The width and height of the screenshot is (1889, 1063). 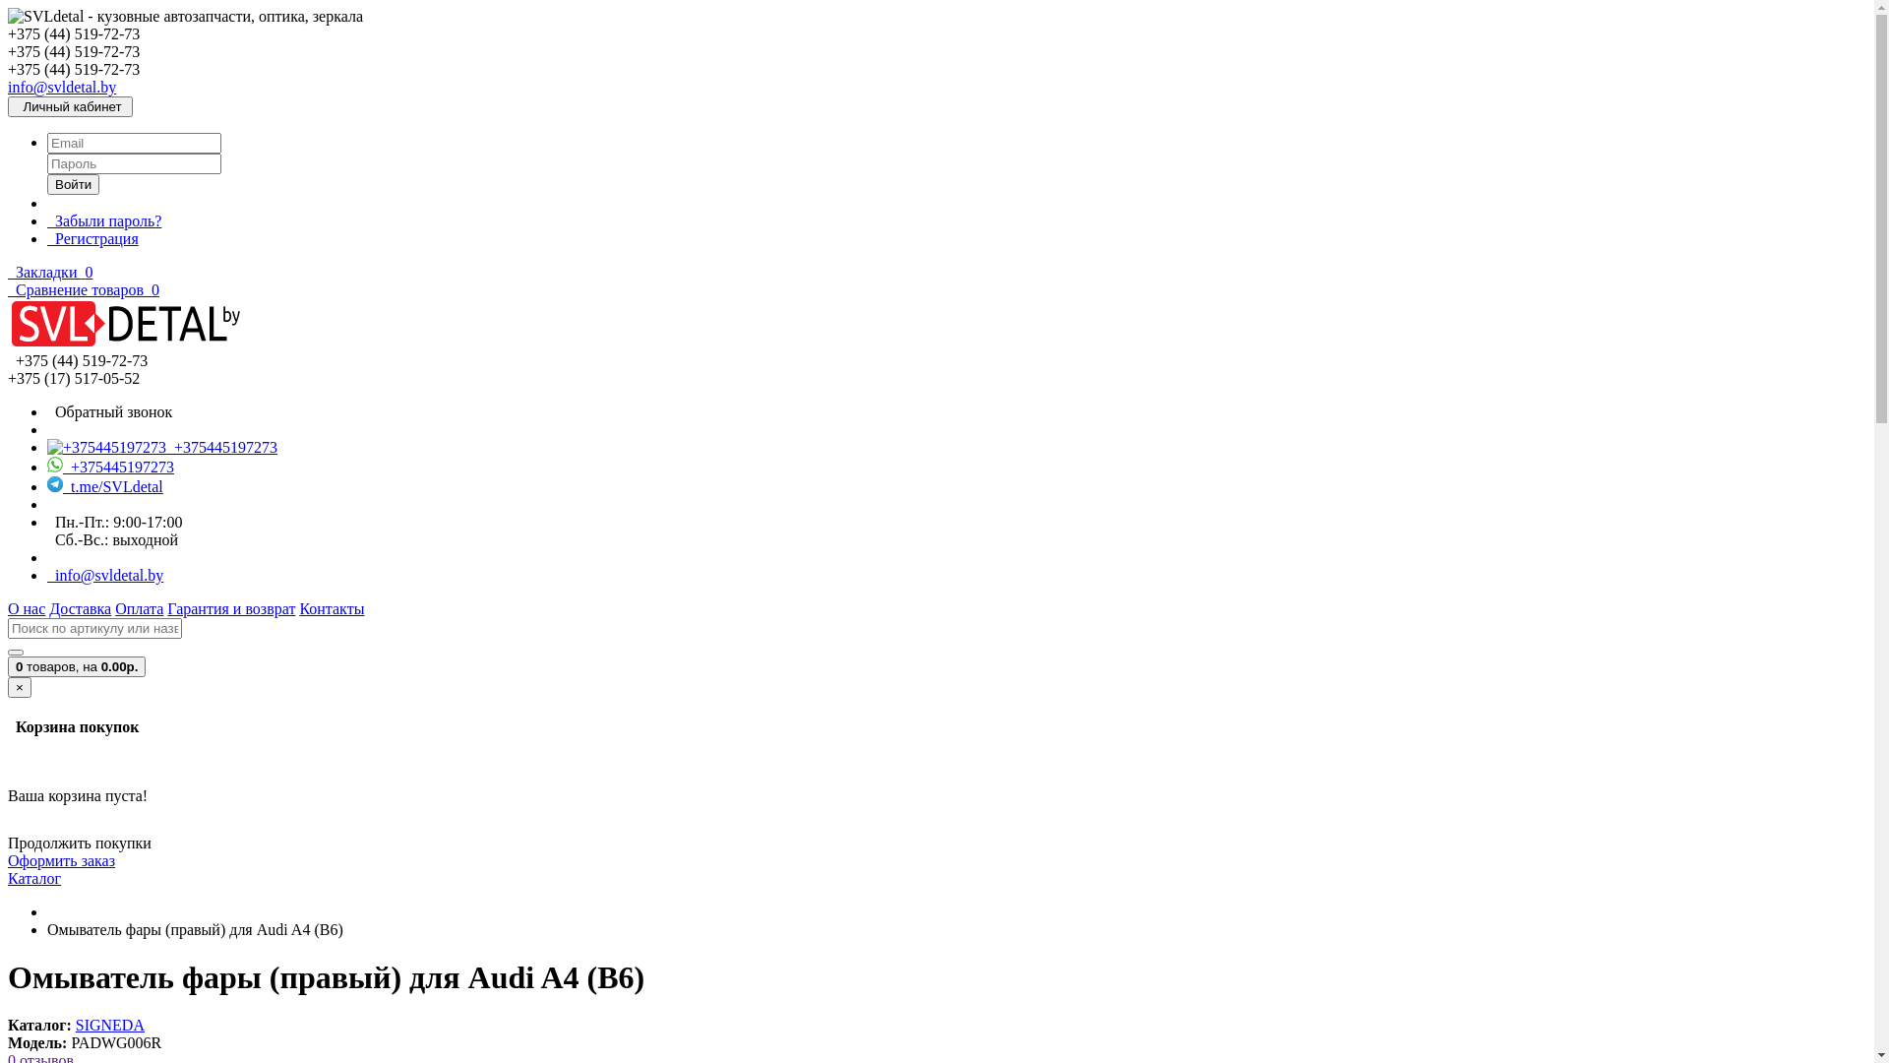 I want to click on '  t.me/SVLdetal', so click(x=103, y=486).